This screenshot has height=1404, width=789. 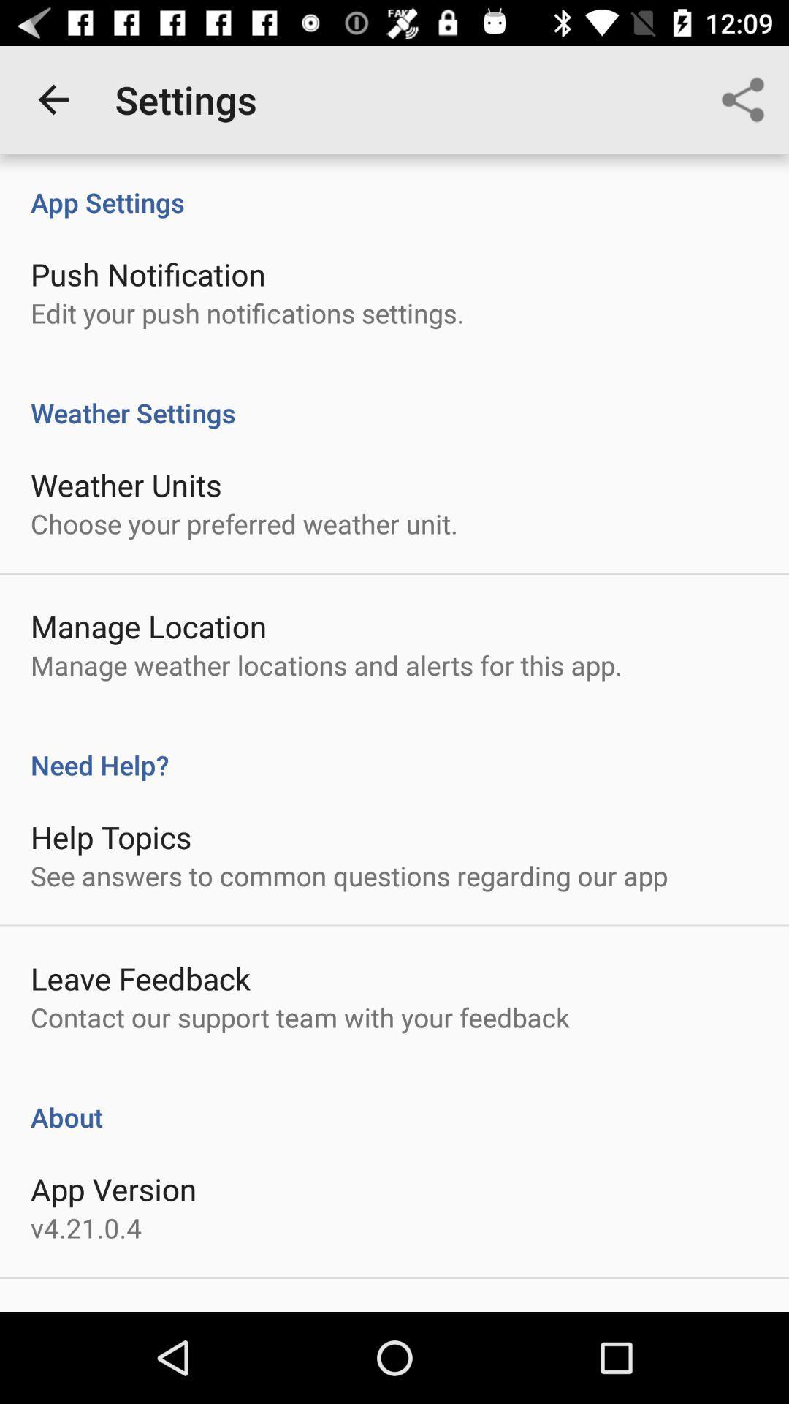 I want to click on push notification, so click(x=148, y=273).